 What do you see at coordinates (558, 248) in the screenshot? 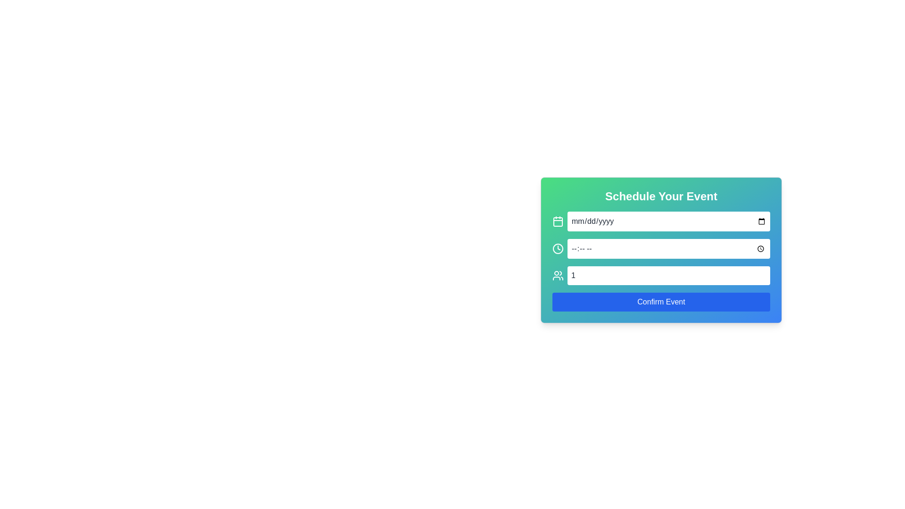
I see `the SVG Circle element representing a clock face, located in the middle column of the scheduling form, adjacent to the time input field above and a number input field below` at bounding box center [558, 248].